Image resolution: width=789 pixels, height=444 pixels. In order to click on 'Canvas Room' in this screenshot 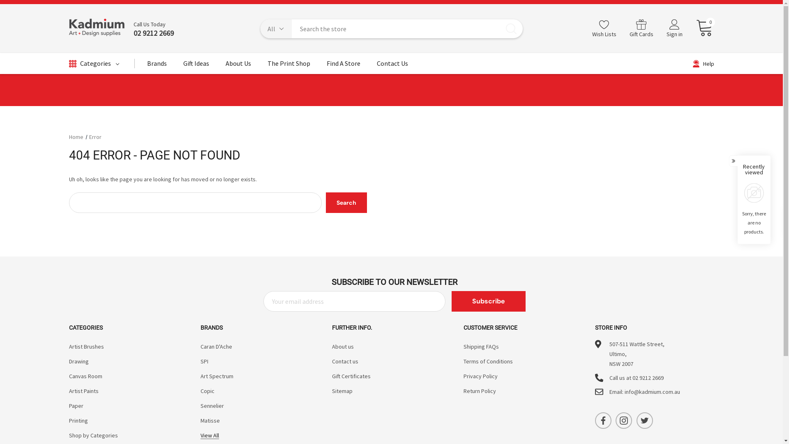, I will do `click(85, 376)`.